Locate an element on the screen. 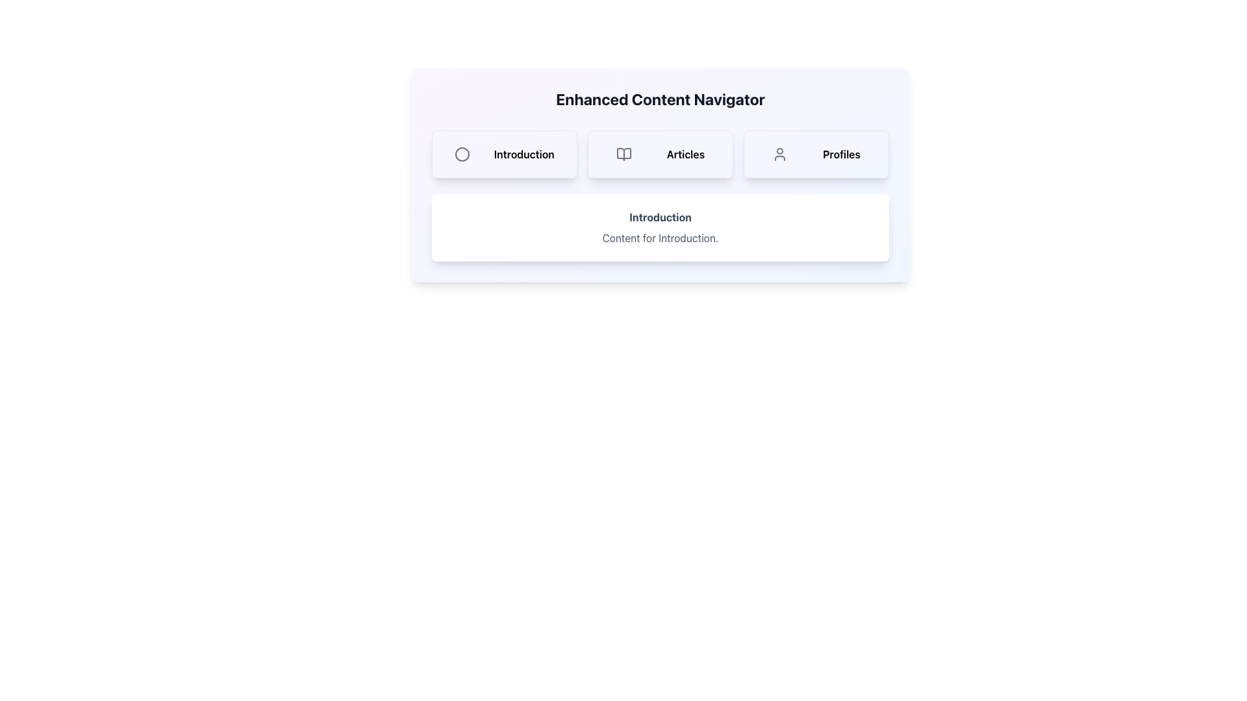 The width and height of the screenshot is (1247, 701). the 'Introduction' icon, which is the first item in a horizontal list of icons, indicating its relevance in the interface is located at coordinates (462, 154).